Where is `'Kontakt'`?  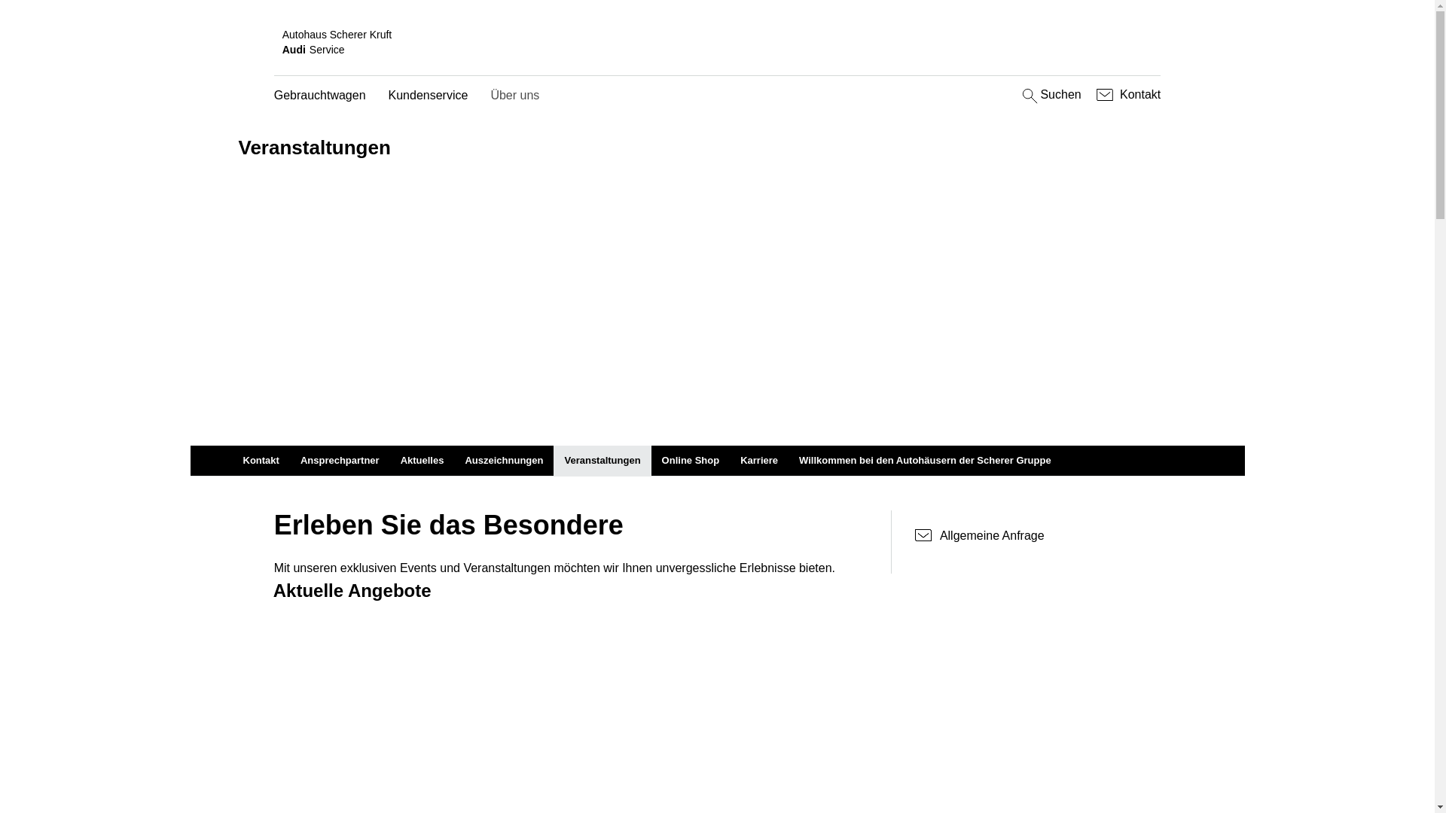
'Kontakt' is located at coordinates (1092, 95).